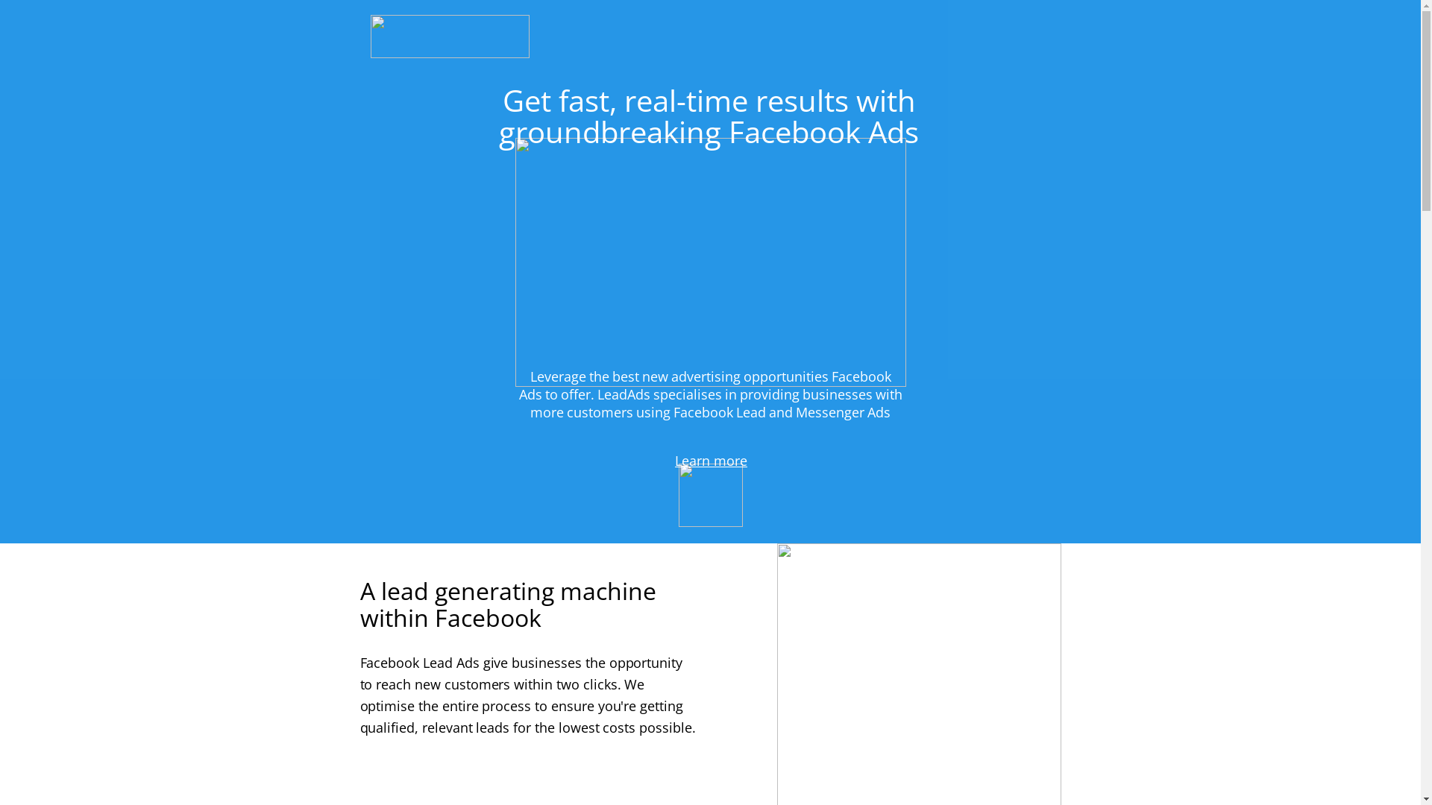  Describe the element at coordinates (710, 461) in the screenshot. I see `'Learn more'` at that location.